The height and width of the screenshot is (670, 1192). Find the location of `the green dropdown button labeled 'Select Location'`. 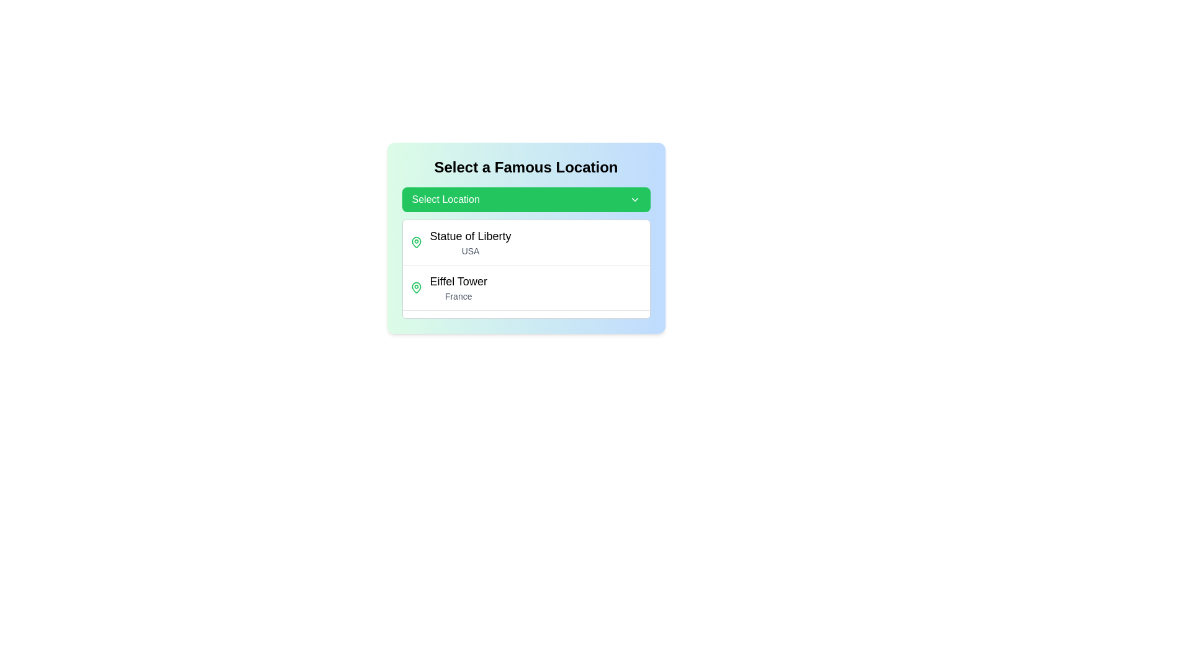

the green dropdown button labeled 'Select Location' is located at coordinates (526, 199).